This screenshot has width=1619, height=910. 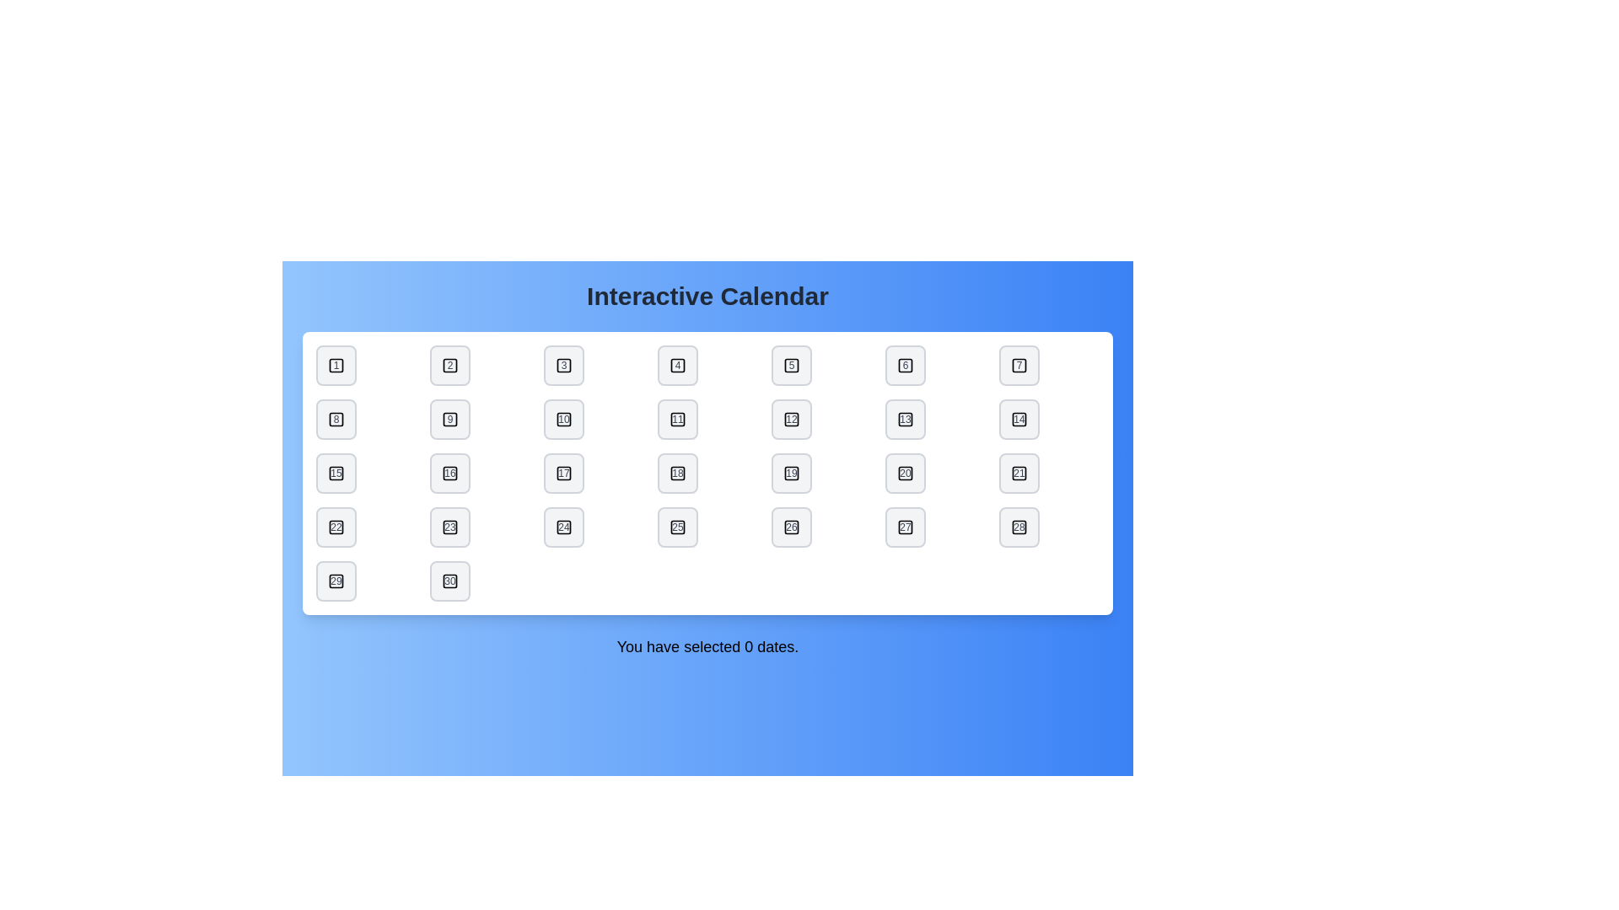 I want to click on the date button labeled 10 to toggle its selection state, so click(x=563, y=418).